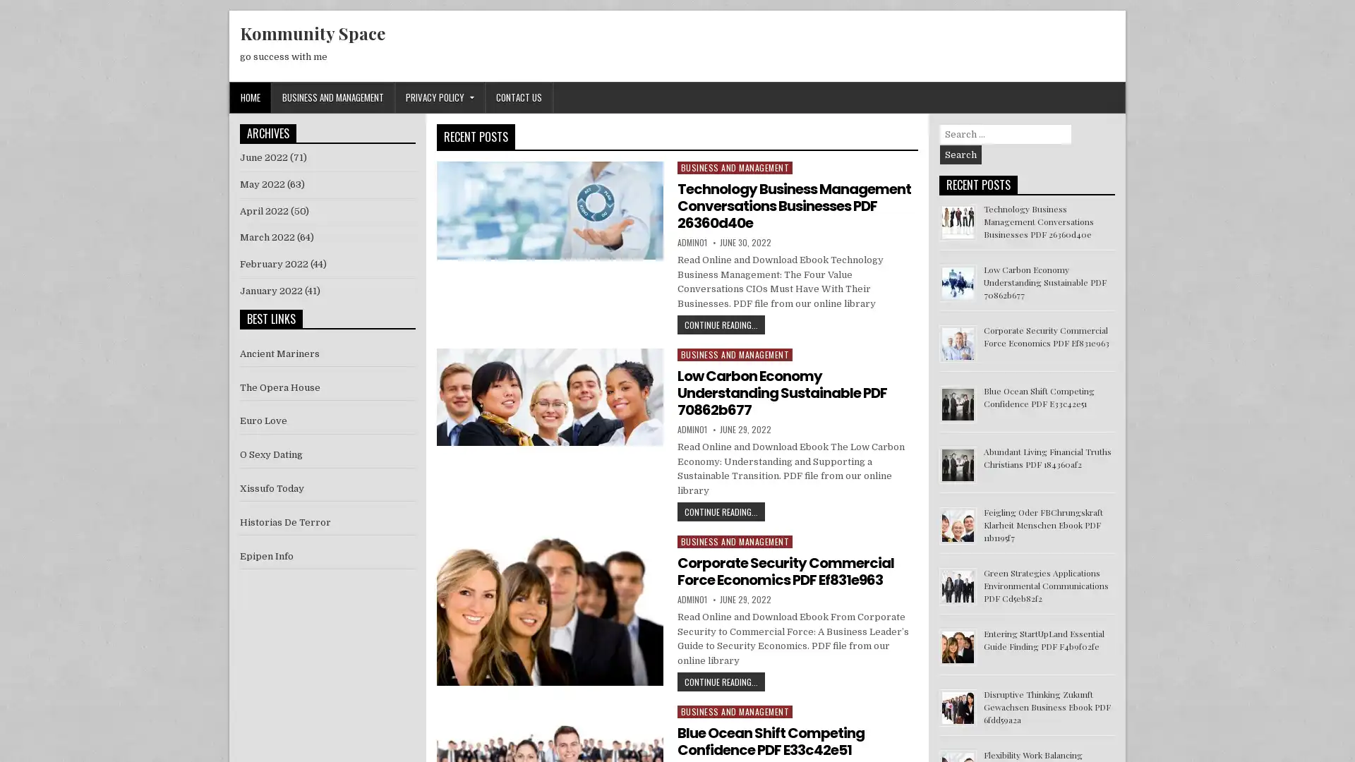 This screenshot has width=1355, height=762. I want to click on Search, so click(960, 155).